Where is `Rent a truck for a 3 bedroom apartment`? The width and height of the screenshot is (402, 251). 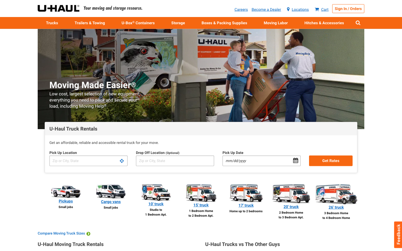 Rent a truck for a 3 bedroom apartment is located at coordinates (291, 202).